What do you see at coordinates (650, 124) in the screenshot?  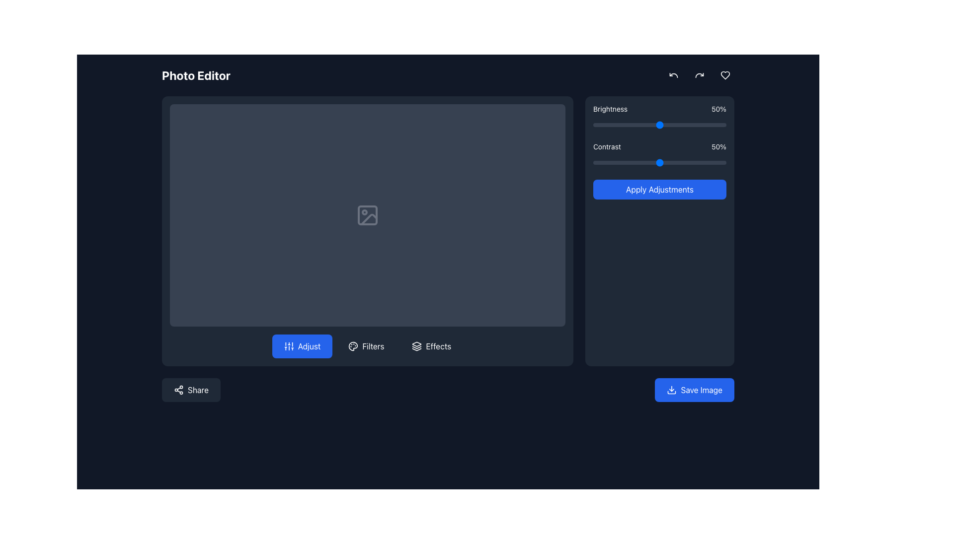 I see `brightness` at bounding box center [650, 124].